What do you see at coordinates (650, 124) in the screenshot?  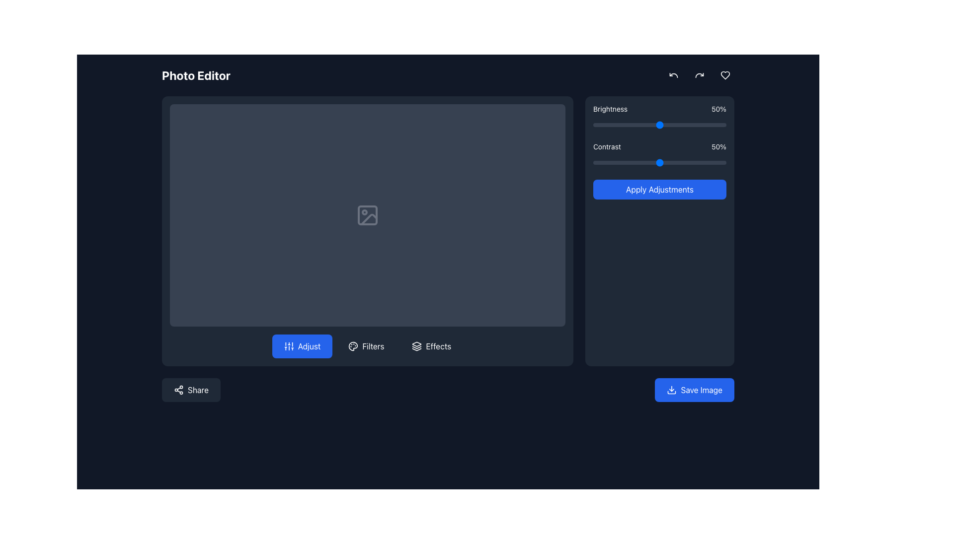 I see `brightness` at bounding box center [650, 124].